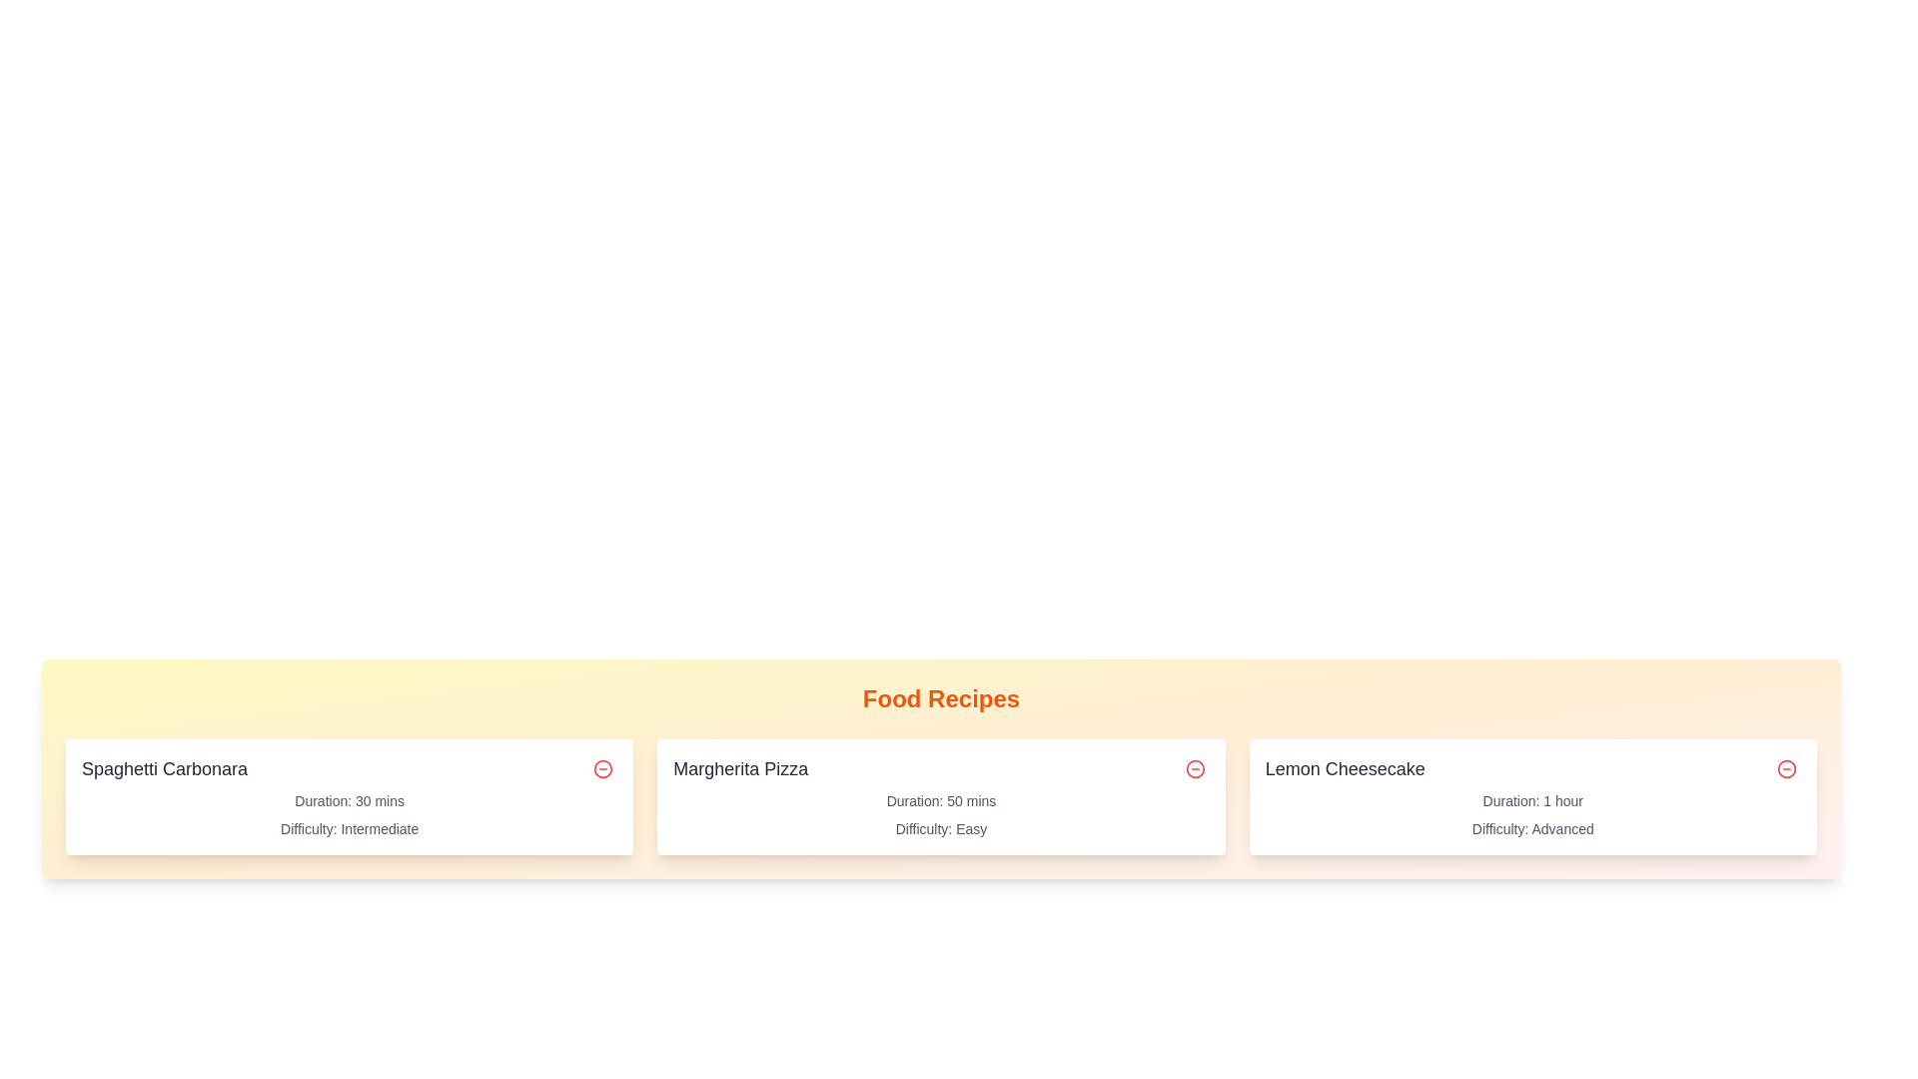 The width and height of the screenshot is (1918, 1079). I want to click on the Text Display Group element that shows 'Duration: 50 mins' and 'Difficulty: Easy', located within the Margherita Pizza card component, so click(940, 815).